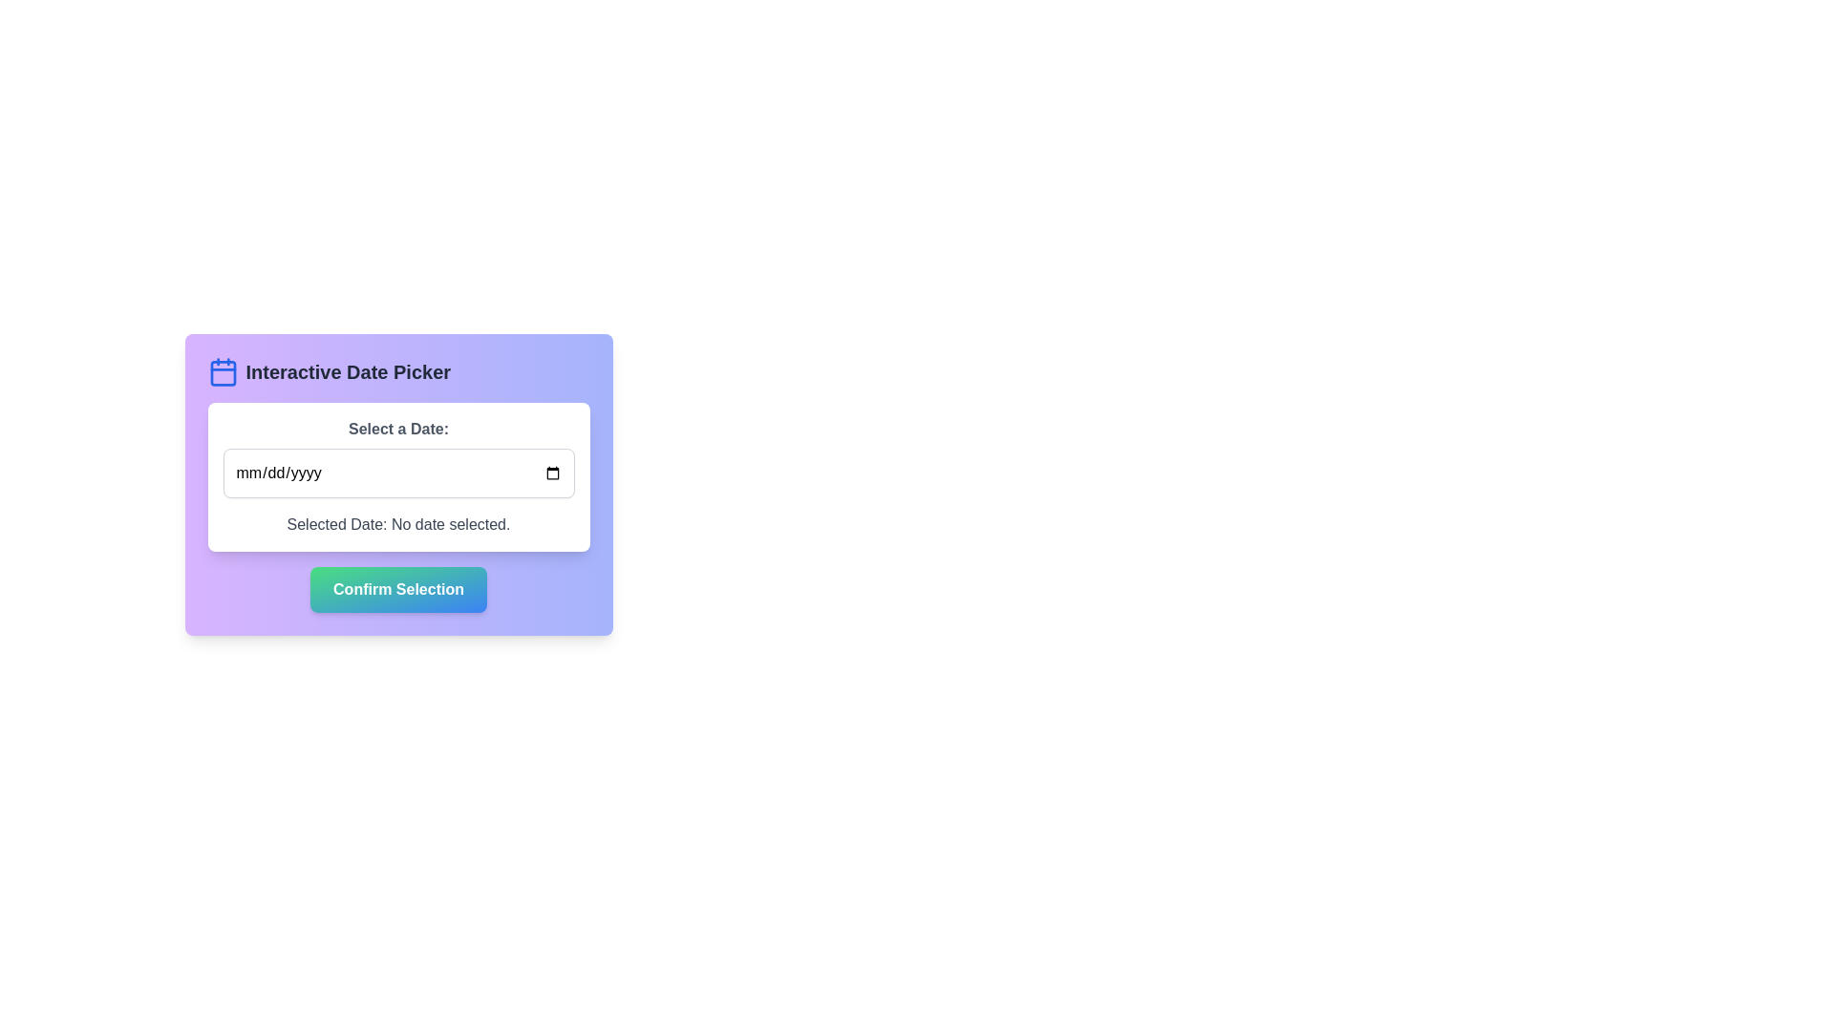 The width and height of the screenshot is (1834, 1031). What do you see at coordinates (397, 588) in the screenshot?
I see `keyboard navigation` at bounding box center [397, 588].